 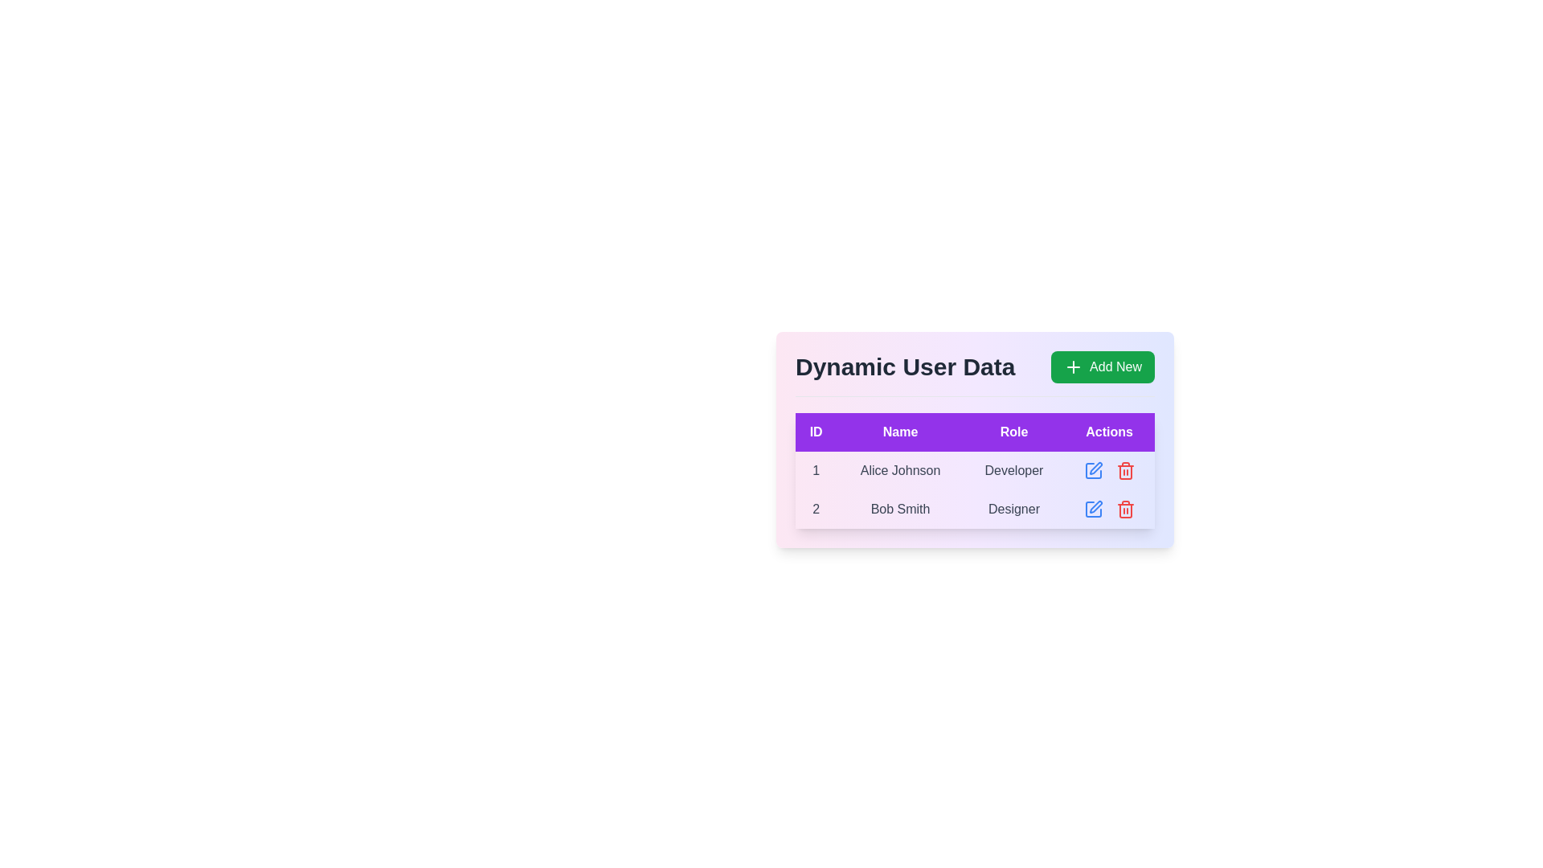 I want to click on the Text item representing an ID or order index in the first column of the row containing 'Alice Johnson, Developer', so click(x=816, y=470).